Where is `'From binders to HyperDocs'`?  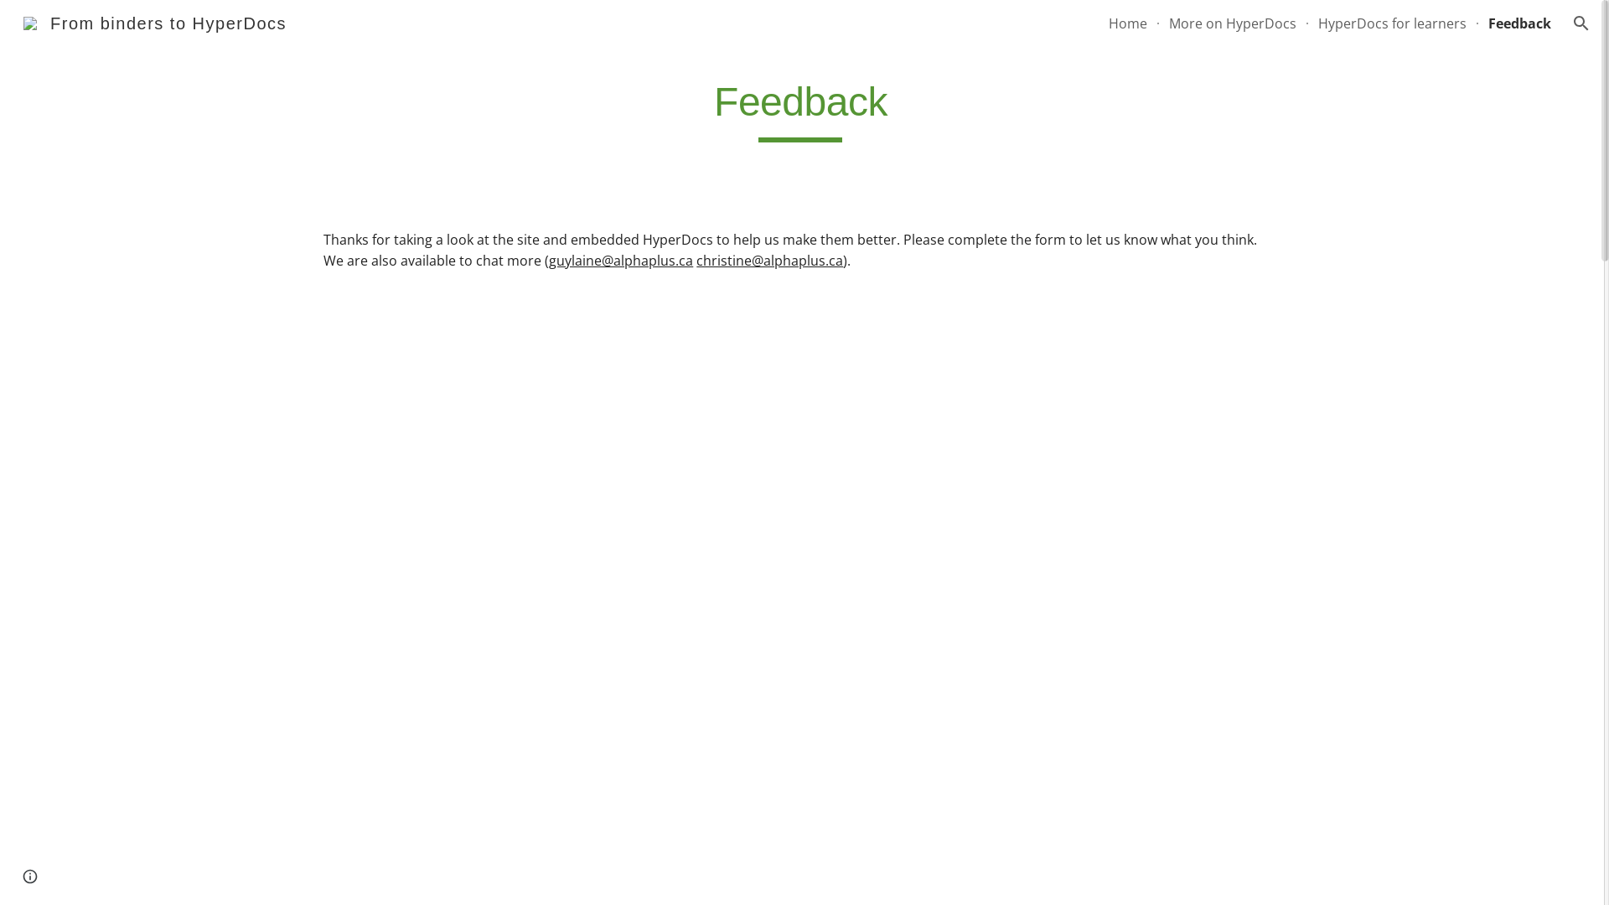
'From binders to HyperDocs' is located at coordinates (155, 22).